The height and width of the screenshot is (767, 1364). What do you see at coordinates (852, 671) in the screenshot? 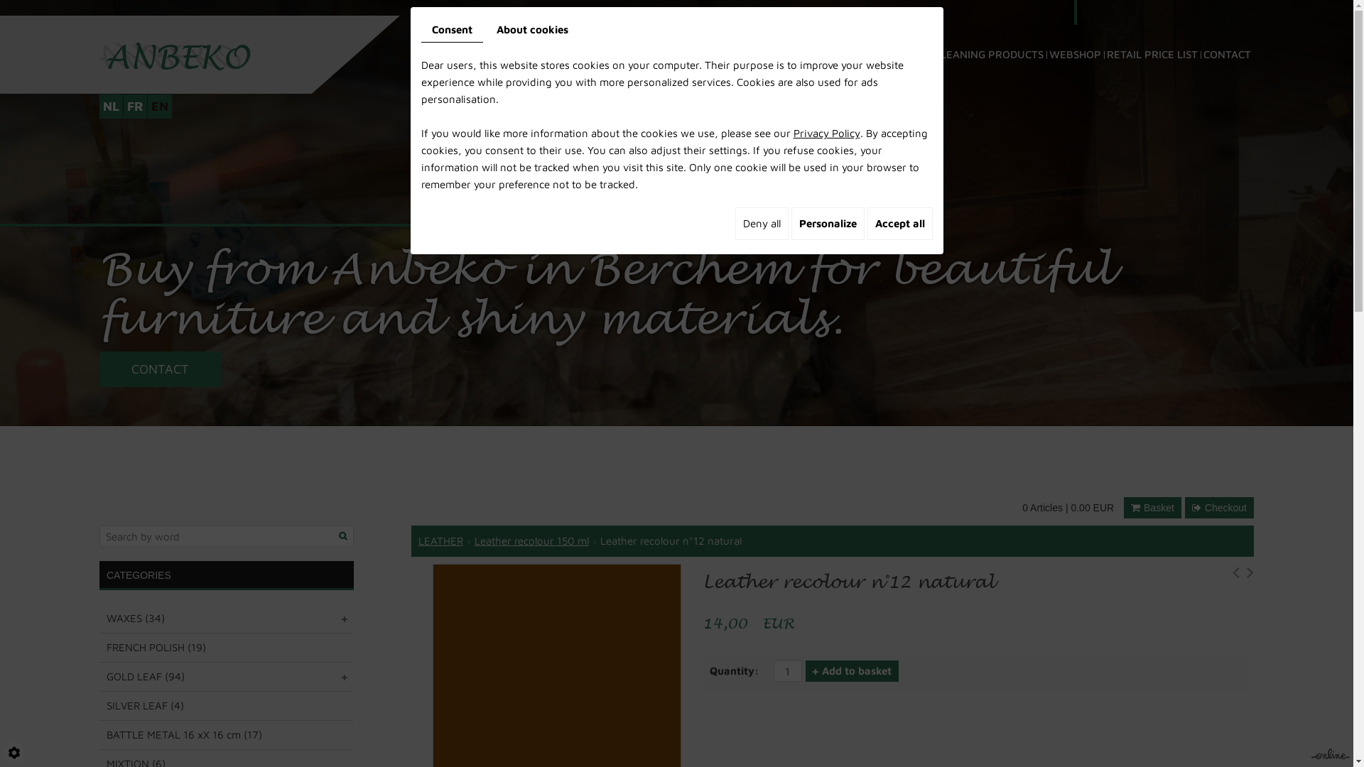
I see `'Add to basket'` at bounding box center [852, 671].